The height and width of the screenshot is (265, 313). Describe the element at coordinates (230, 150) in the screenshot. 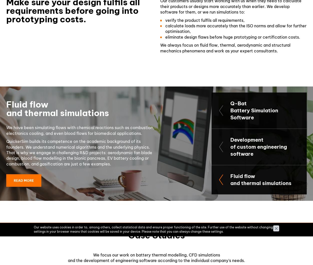

I see `'of custom engineering software'` at that location.